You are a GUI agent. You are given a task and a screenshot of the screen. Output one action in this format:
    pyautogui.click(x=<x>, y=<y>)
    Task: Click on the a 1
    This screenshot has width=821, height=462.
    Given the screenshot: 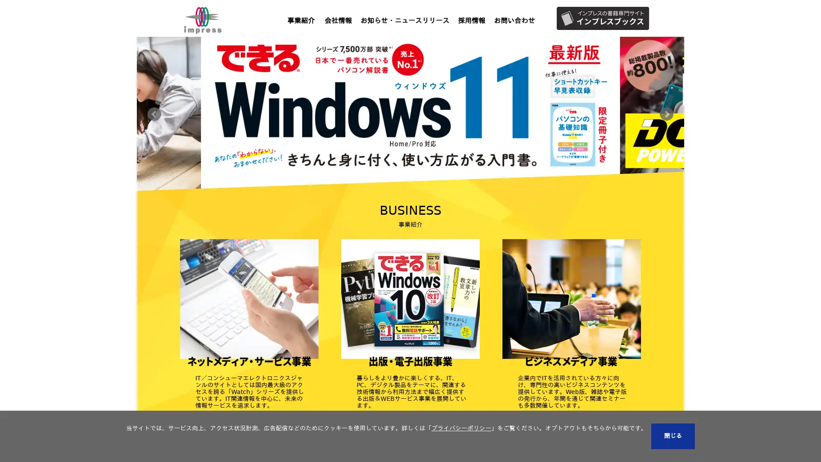 What is the action you would take?
    pyautogui.click(x=384, y=198)
    